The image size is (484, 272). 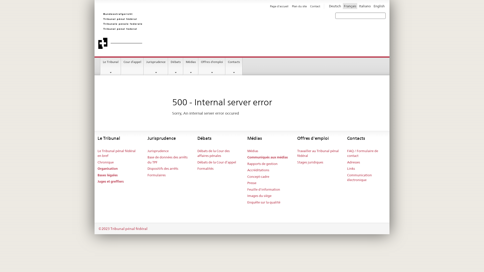 What do you see at coordinates (262, 164) in the screenshot?
I see `'Rapports de gestion'` at bounding box center [262, 164].